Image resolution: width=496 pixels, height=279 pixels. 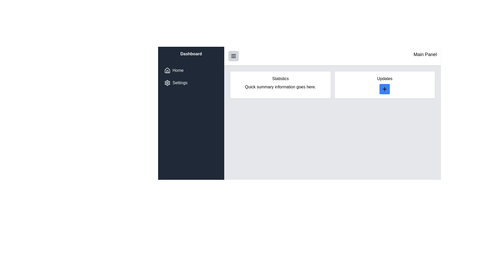 I want to click on the 'Settings' text label in the sidebar menu, so click(x=180, y=82).